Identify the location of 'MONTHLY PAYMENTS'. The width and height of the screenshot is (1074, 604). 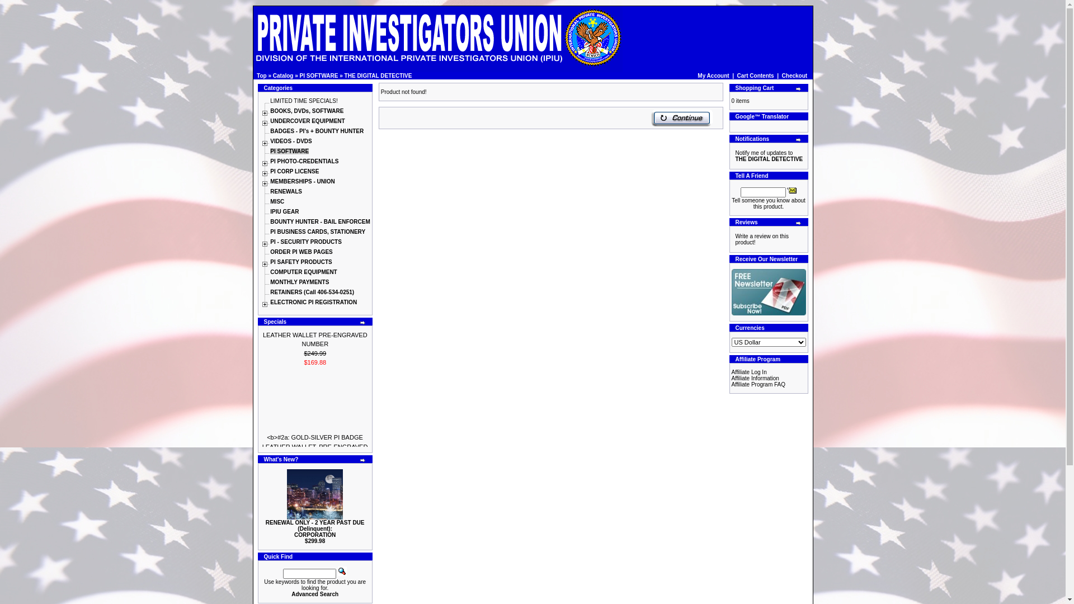
(299, 281).